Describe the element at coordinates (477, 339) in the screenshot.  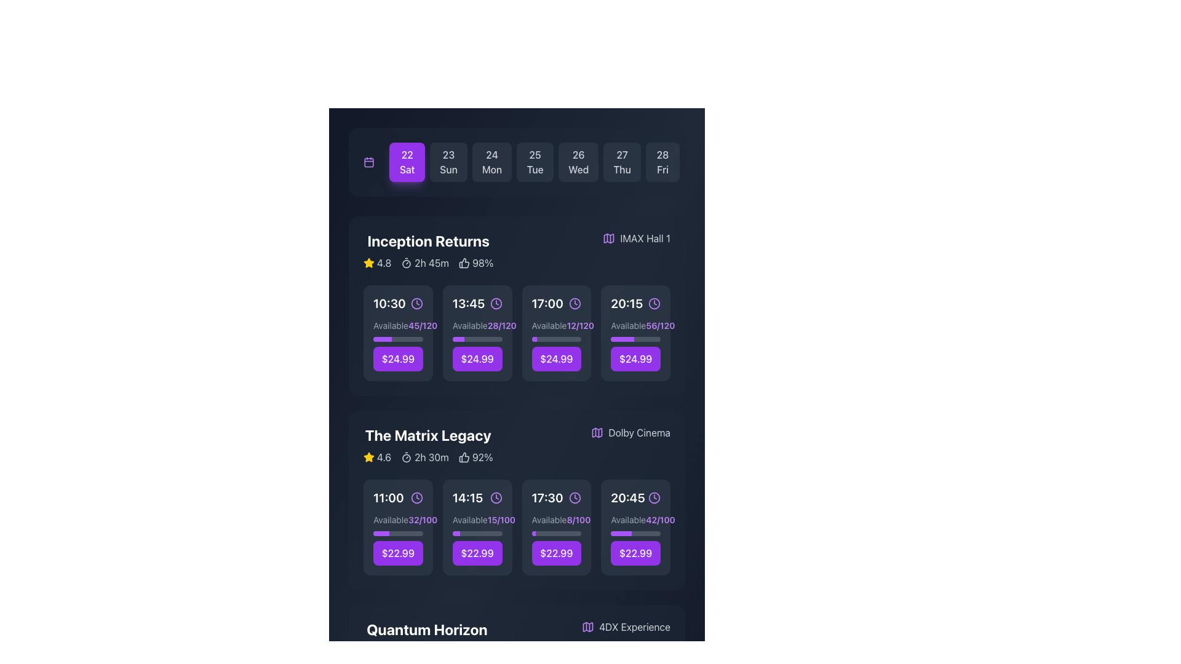
I see `the horizontal progress bar with a gray background and a purple portion, located below the text 'Available 28/120' and above the button displaying '$24.99'` at that location.